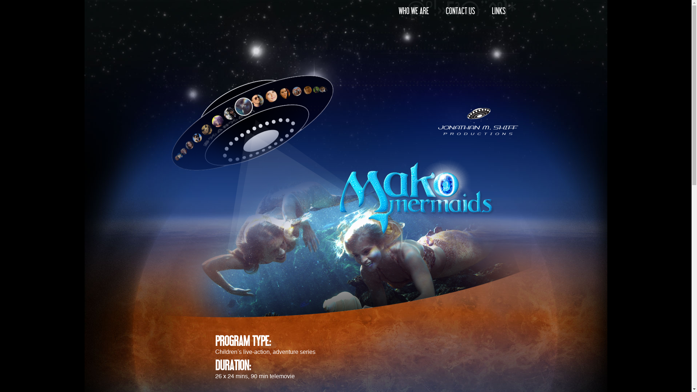 Image resolution: width=697 pixels, height=392 pixels. I want to click on 'Jonathan M. Shift Productions', so click(478, 121).